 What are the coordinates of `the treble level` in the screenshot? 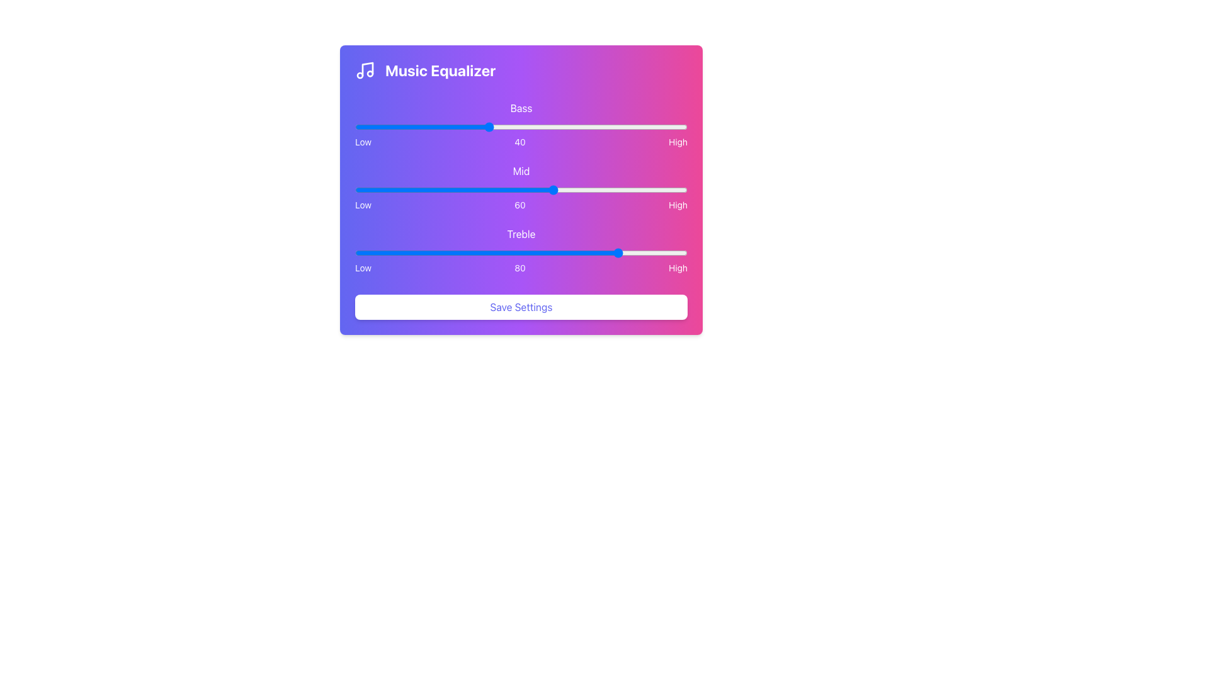 It's located at (541, 252).